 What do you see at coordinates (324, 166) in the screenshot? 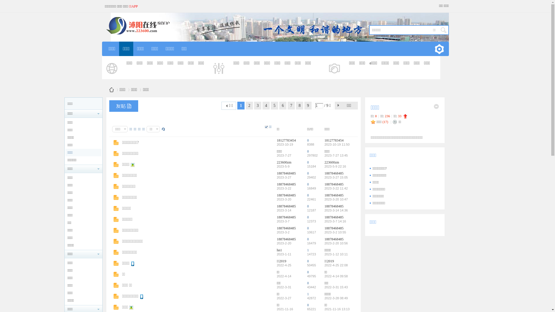
I see `'2023-5-9 22:16'` at bounding box center [324, 166].